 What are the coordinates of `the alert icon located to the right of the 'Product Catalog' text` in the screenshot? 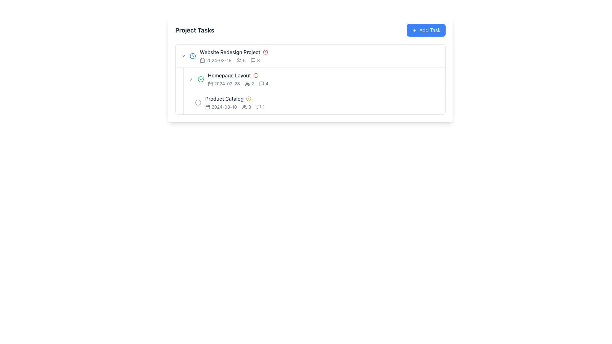 It's located at (248, 98).